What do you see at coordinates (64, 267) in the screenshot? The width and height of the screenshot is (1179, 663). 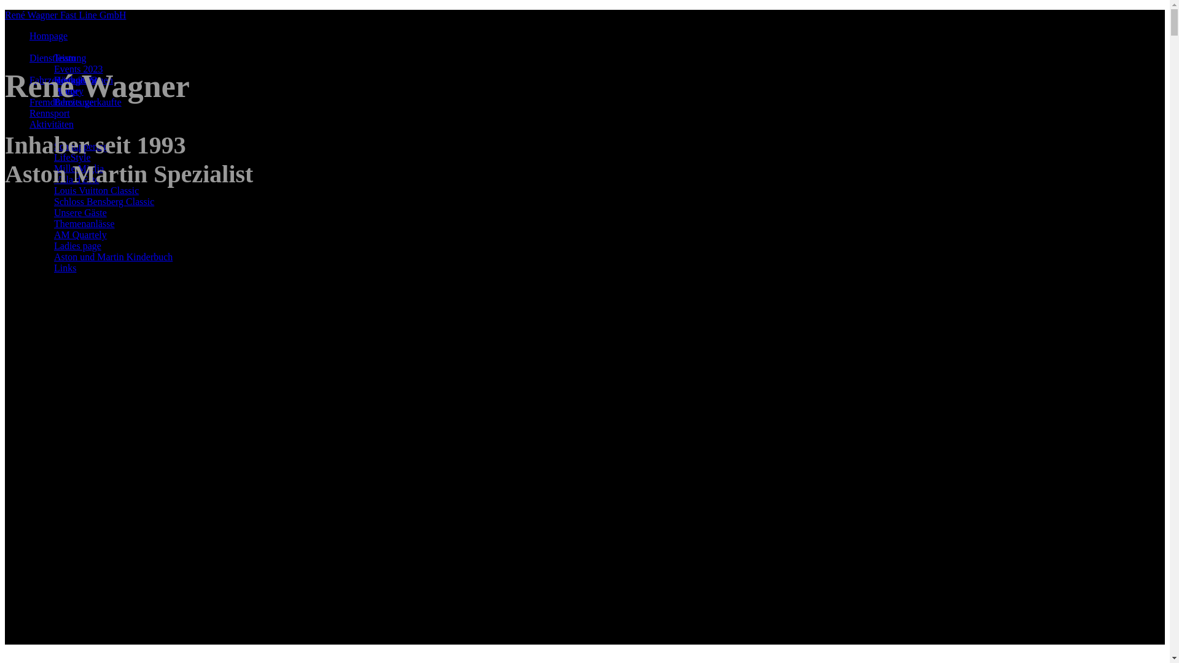 I see `'Links'` at bounding box center [64, 267].